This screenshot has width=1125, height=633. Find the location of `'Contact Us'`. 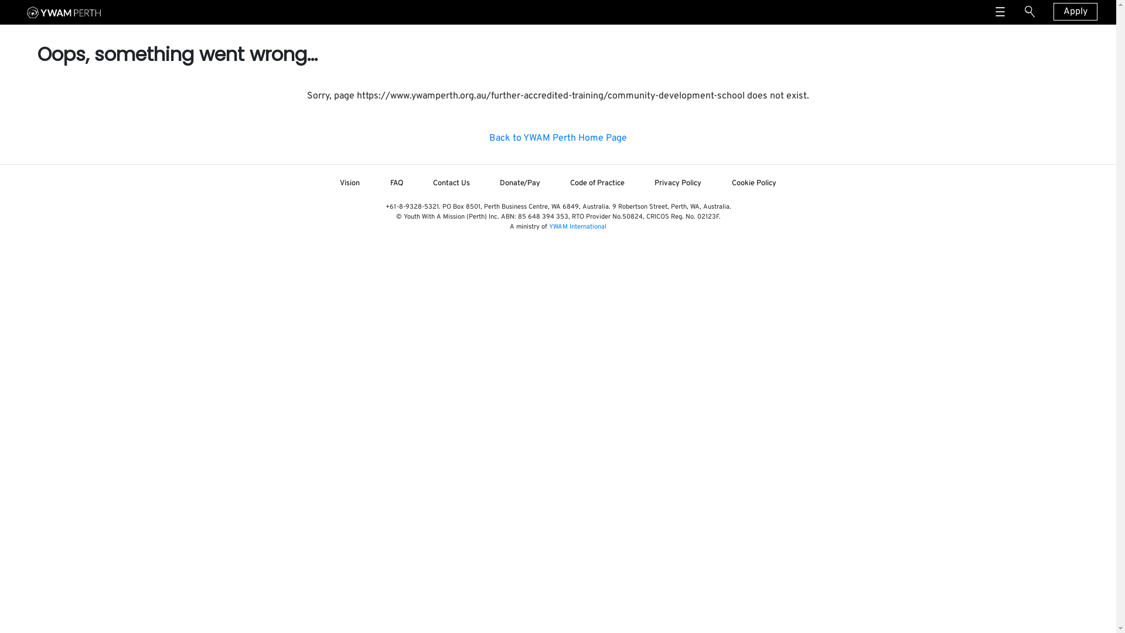

'Contact Us' is located at coordinates (418, 183).